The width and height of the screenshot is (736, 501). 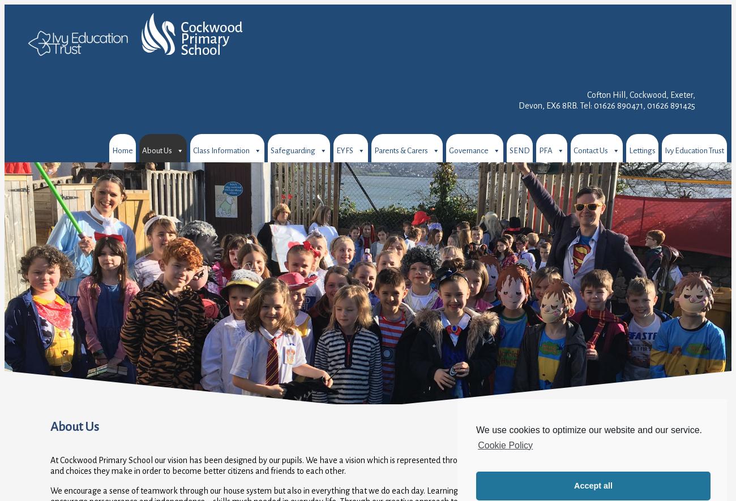 What do you see at coordinates (694, 150) in the screenshot?
I see `'Ivy Education Trust'` at bounding box center [694, 150].